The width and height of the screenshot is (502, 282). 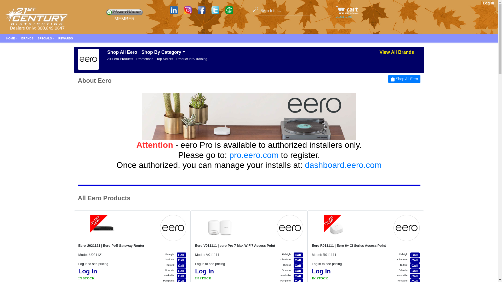 I want to click on 'Shop All Eero', so click(x=388, y=79).